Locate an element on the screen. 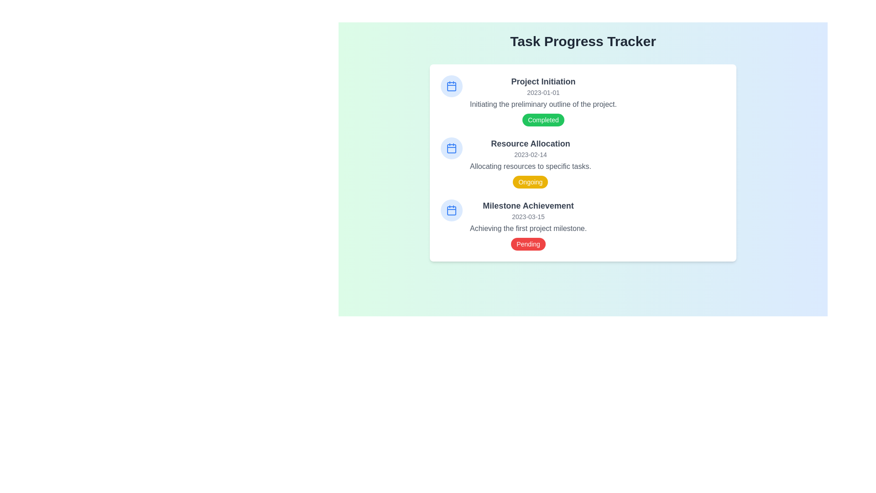  text label for the milestone entry located in the third milestone section of the 'Task Progress Tracker', positioned above the date '2023-03-15' and the description 'Achieving the first project milestone' is located at coordinates (528, 206).